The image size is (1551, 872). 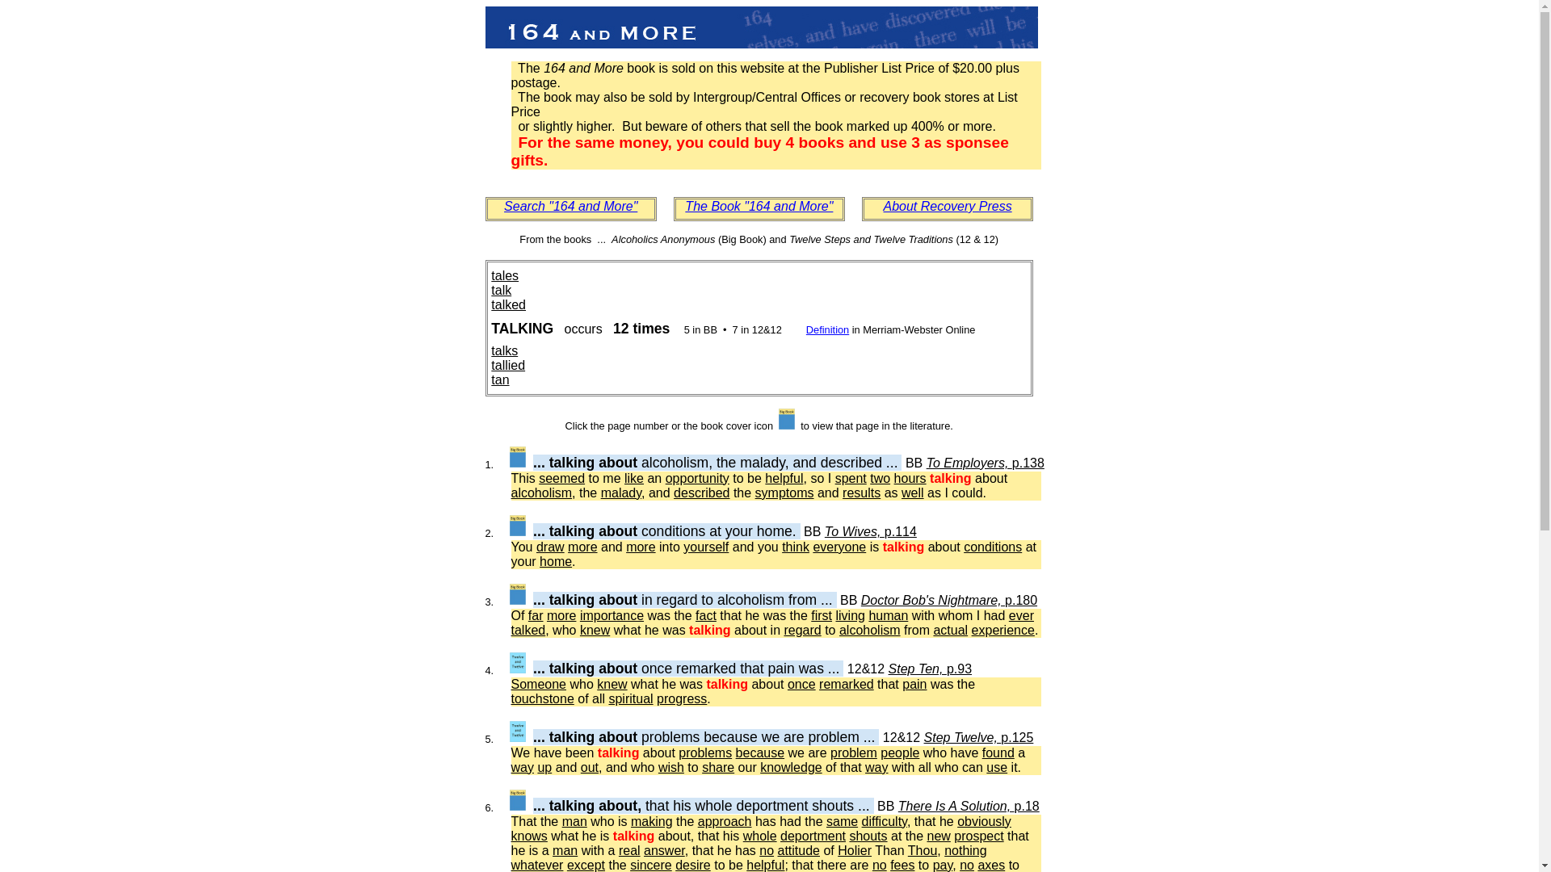 I want to click on 'opportunity', so click(x=697, y=477).